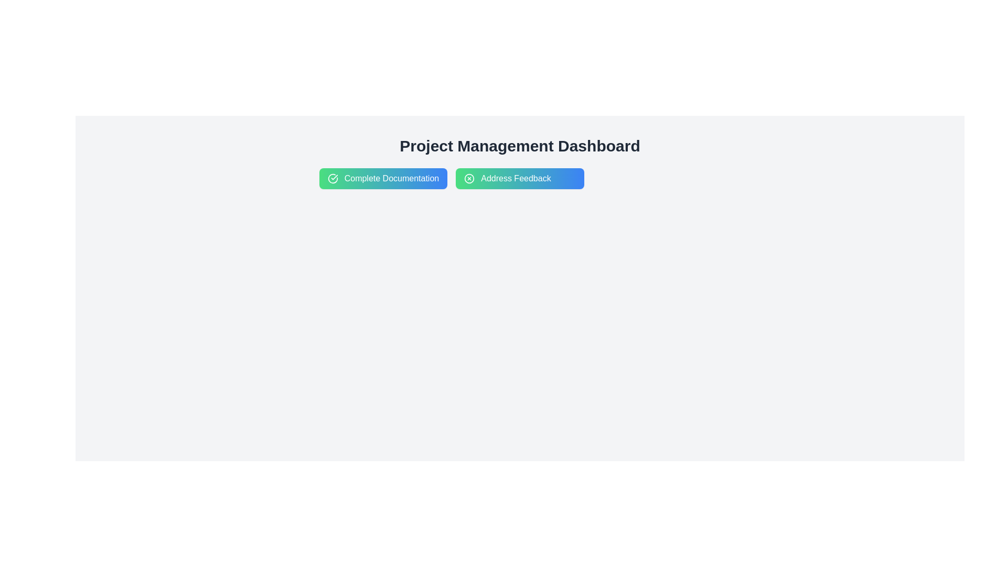 This screenshot has width=1007, height=566. What do you see at coordinates (520, 178) in the screenshot?
I see `the task chip labeled Address Feedback` at bounding box center [520, 178].